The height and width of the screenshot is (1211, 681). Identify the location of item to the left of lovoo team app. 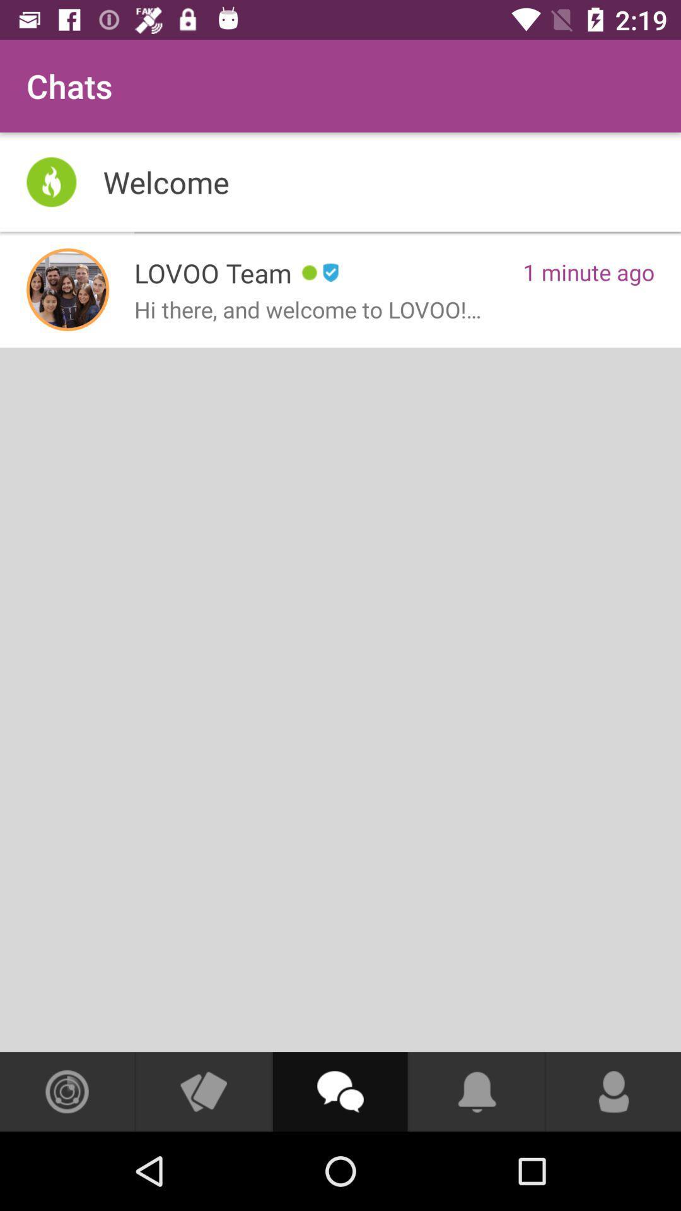
(67, 289).